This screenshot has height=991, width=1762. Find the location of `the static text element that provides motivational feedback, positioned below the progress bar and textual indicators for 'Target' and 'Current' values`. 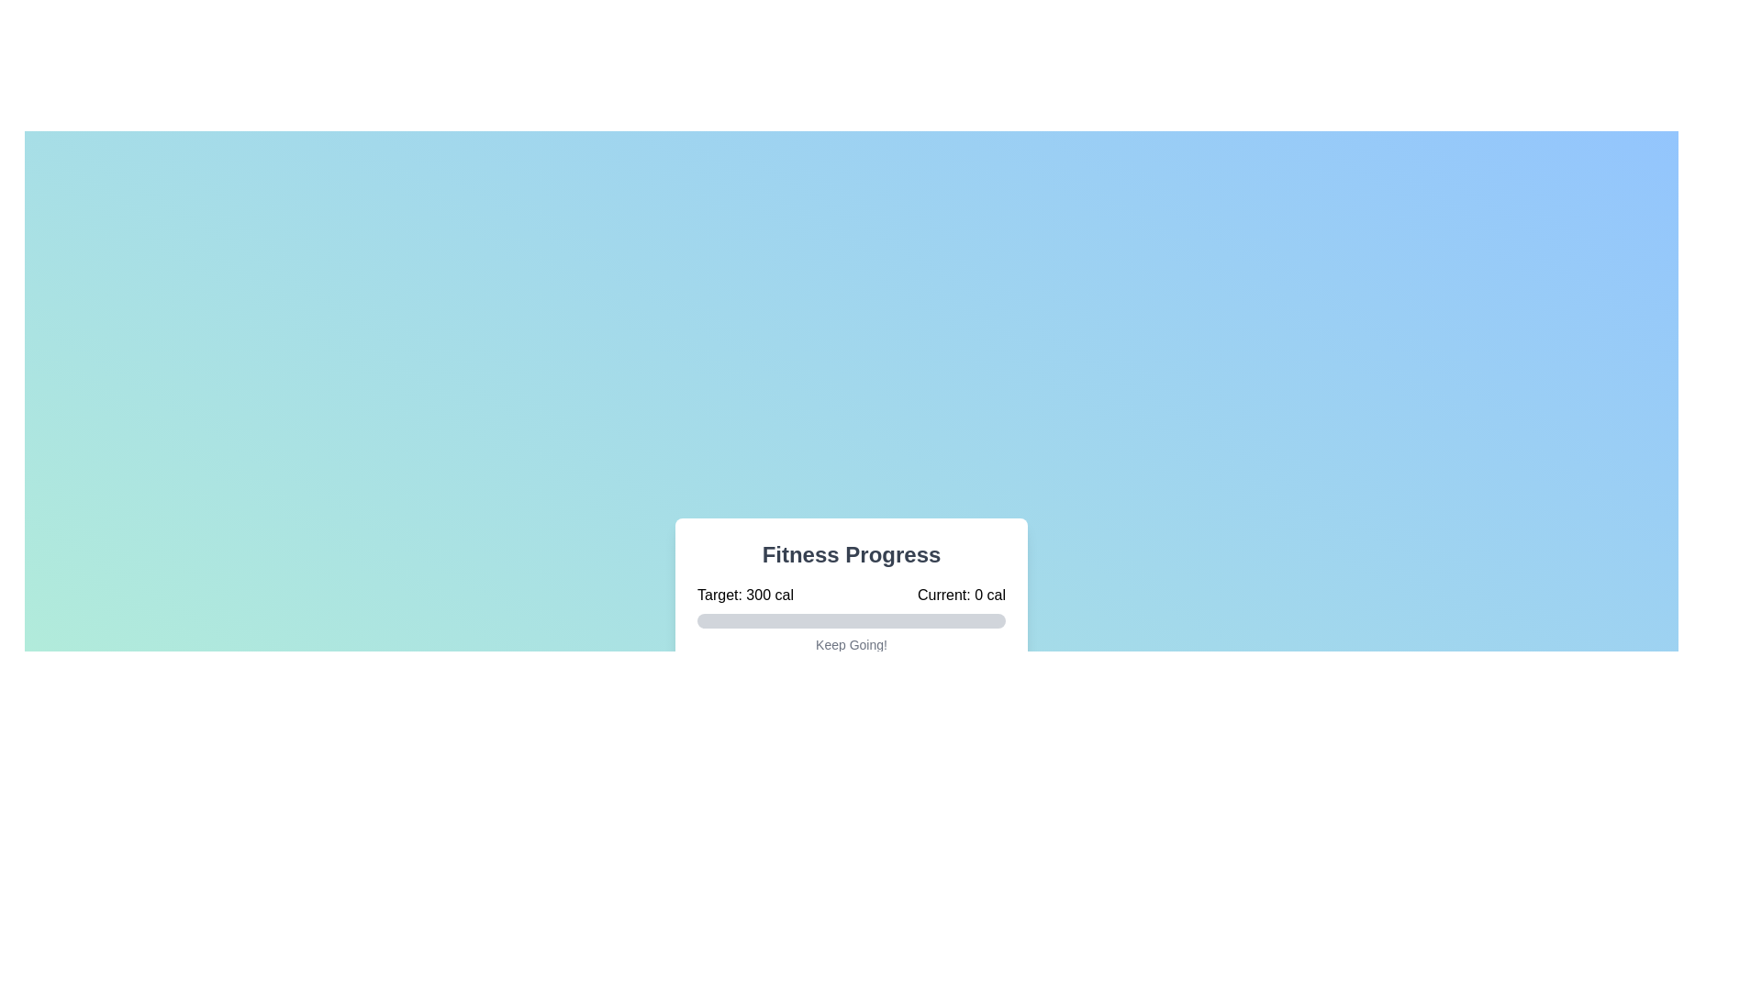

the static text element that provides motivational feedback, positioned below the progress bar and textual indicators for 'Target' and 'Current' values is located at coordinates (850, 643).